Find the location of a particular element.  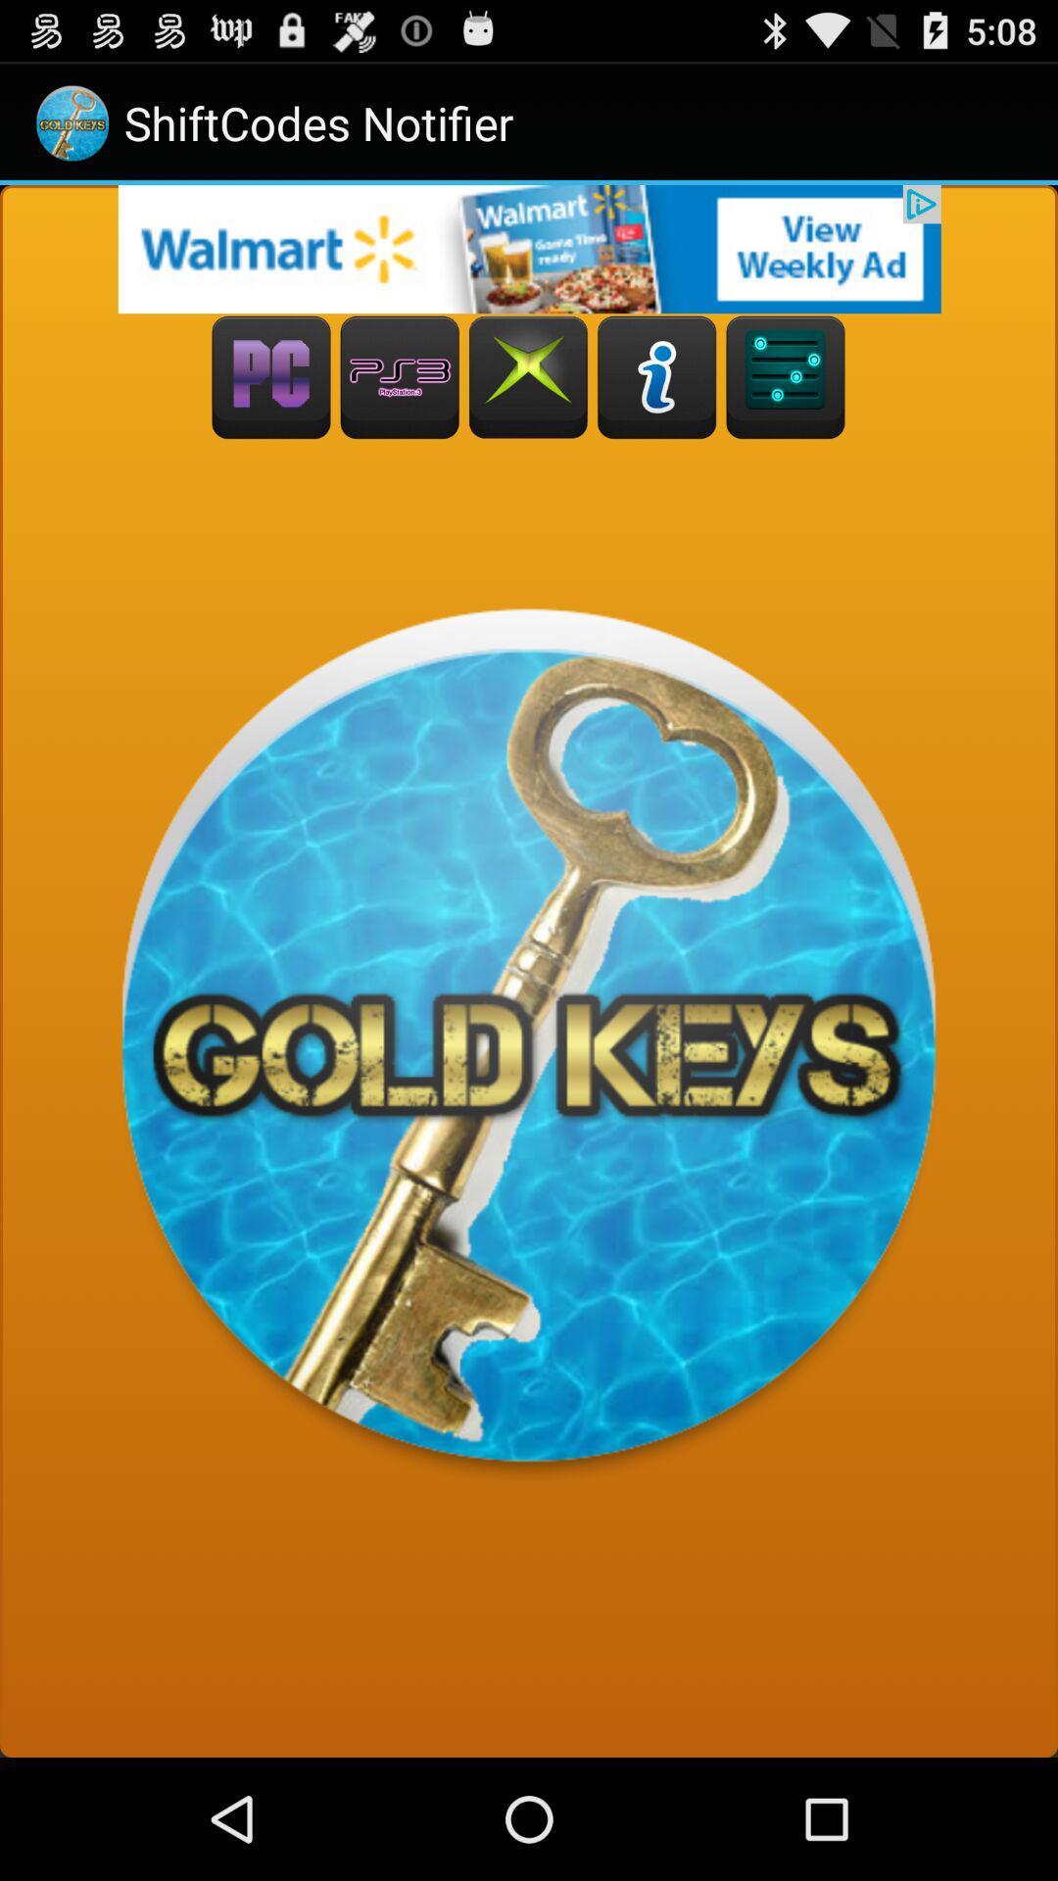

playstation 3 is located at coordinates (399, 377).